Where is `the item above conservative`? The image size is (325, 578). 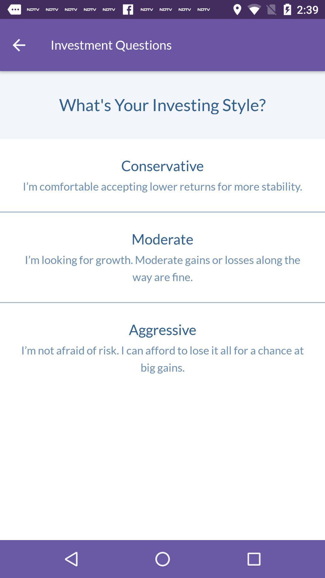
the item above conservative is located at coordinates (18, 45).